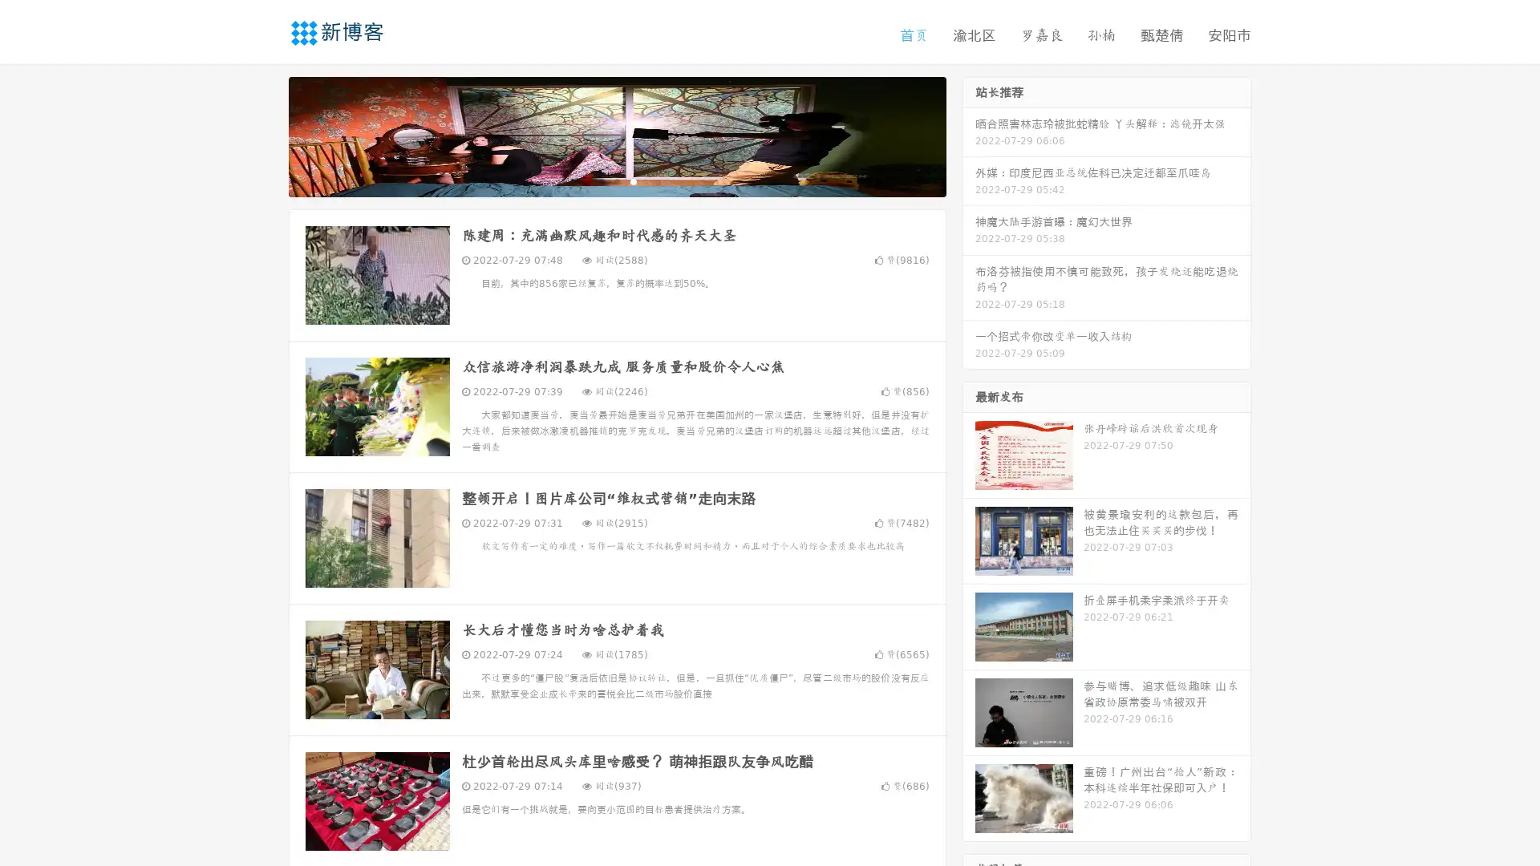  What do you see at coordinates (616, 180) in the screenshot?
I see `Go to slide 2` at bounding box center [616, 180].